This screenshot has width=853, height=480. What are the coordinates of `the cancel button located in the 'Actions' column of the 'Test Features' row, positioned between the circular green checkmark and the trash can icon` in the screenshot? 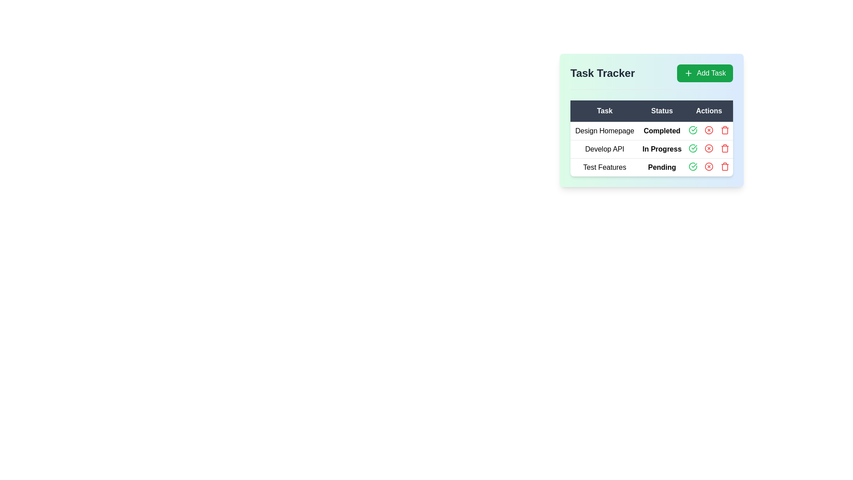 It's located at (709, 166).